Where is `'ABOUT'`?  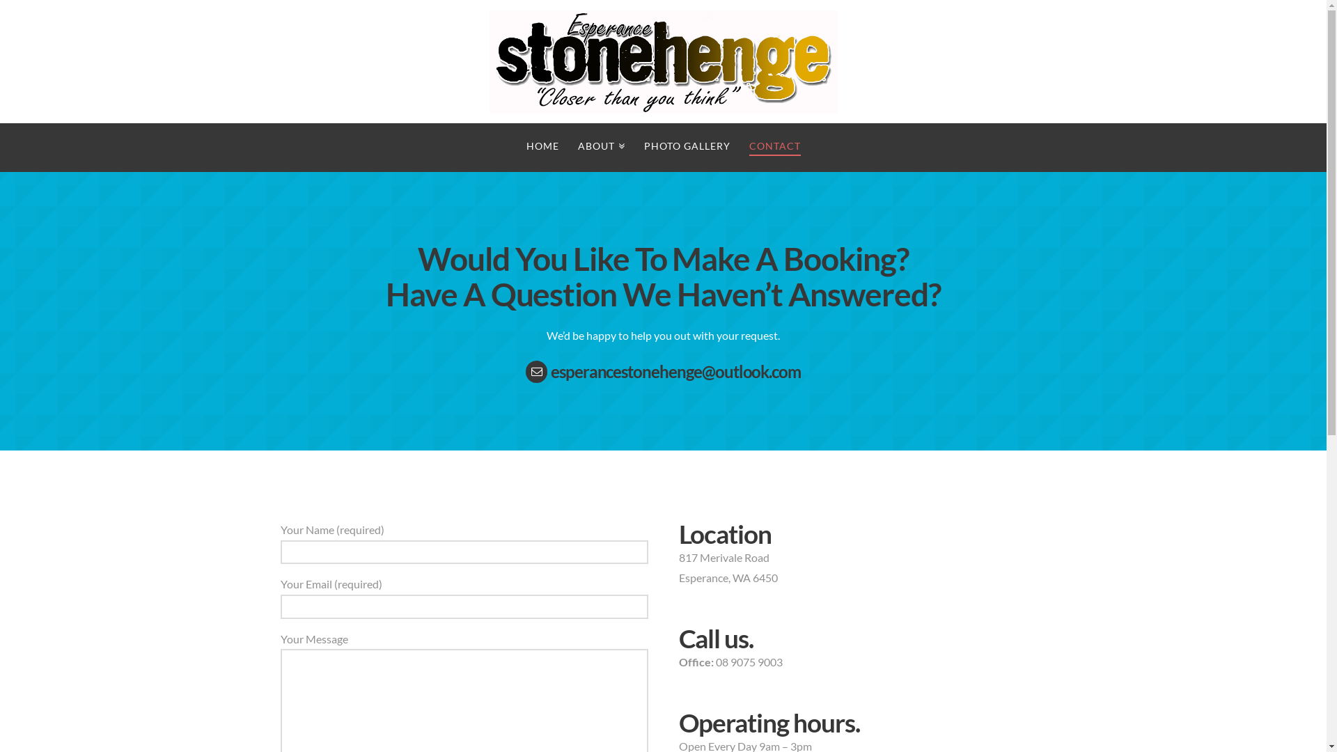 'ABOUT' is located at coordinates (601, 148).